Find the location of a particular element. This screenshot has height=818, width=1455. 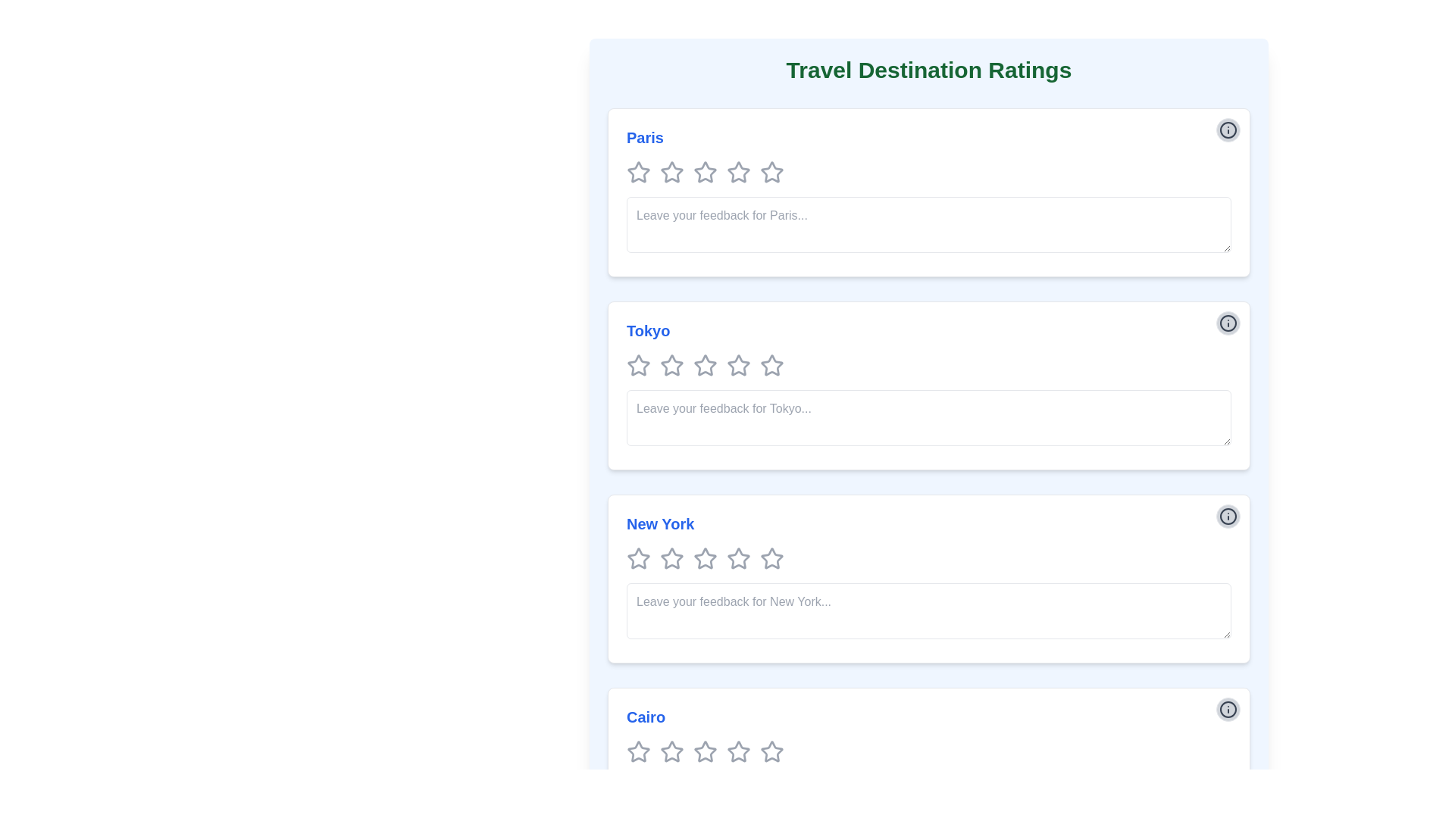

the second star icon in the rating widget for 'Paris' is located at coordinates (705, 171).